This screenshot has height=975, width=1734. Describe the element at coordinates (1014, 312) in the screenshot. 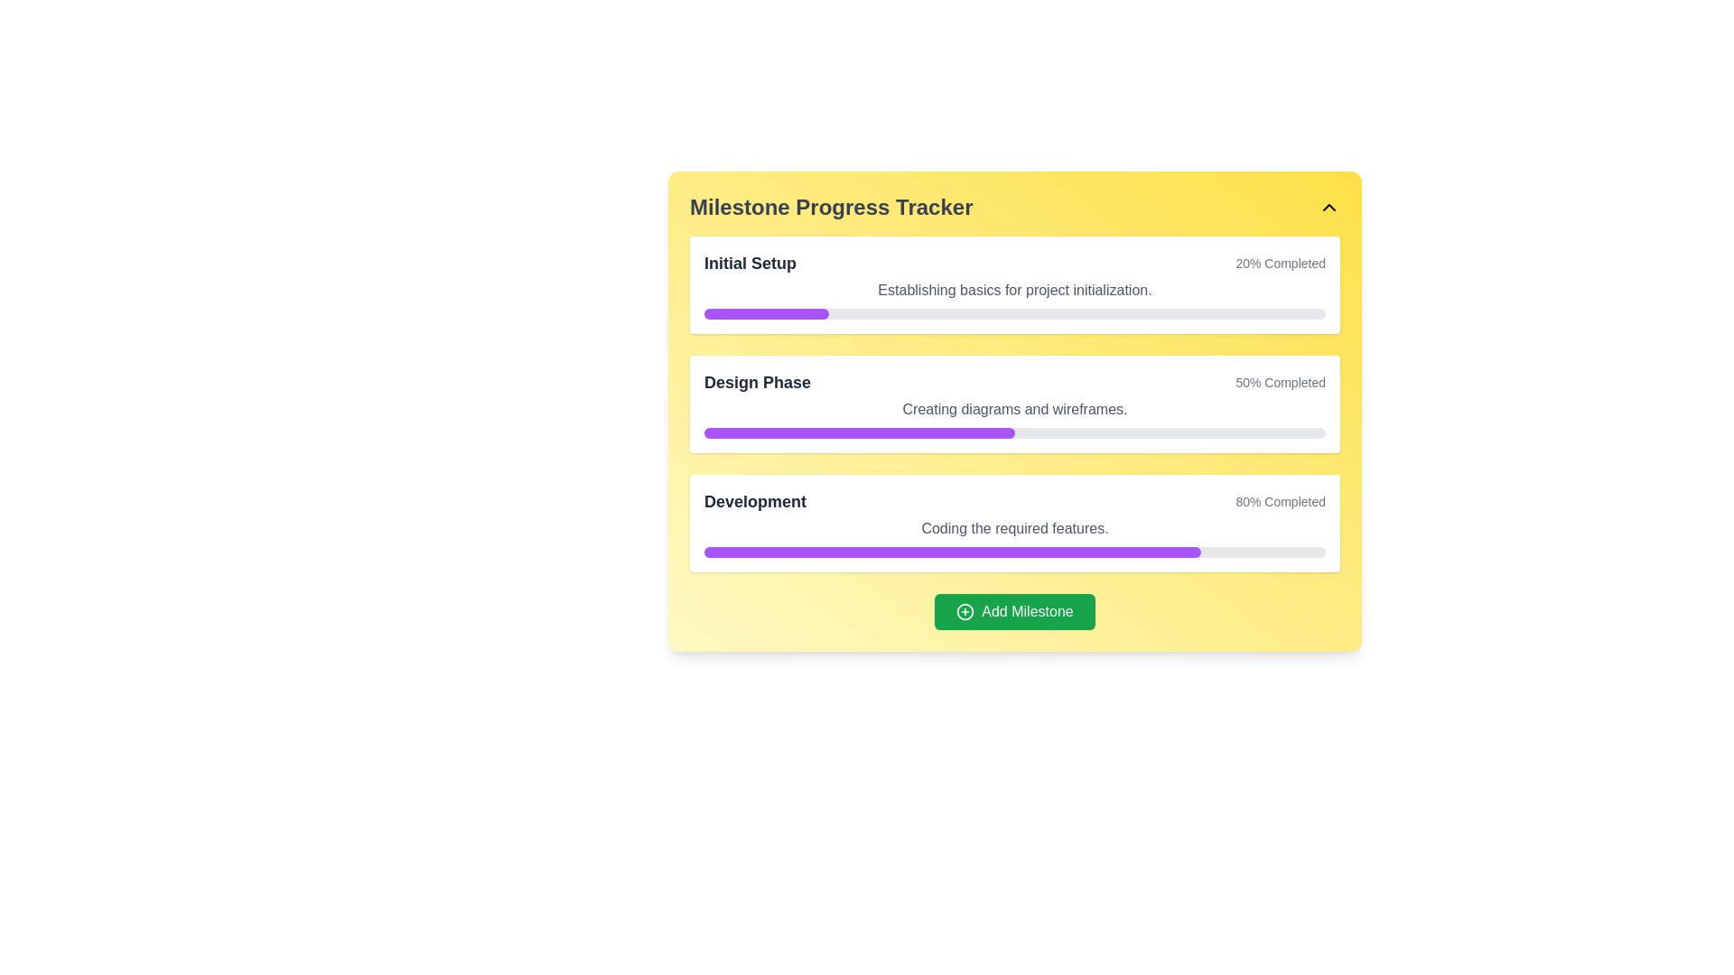

I see `the Progress Bar that visually represents the completion of the 'Initial Setup' milestone, located below the title 'Initial Setup' and above the section separator` at that location.